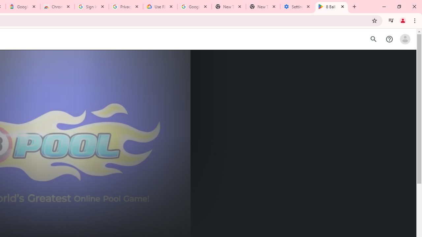 The height and width of the screenshot is (237, 422). What do you see at coordinates (263, 7) in the screenshot?
I see `'New Tab'` at bounding box center [263, 7].